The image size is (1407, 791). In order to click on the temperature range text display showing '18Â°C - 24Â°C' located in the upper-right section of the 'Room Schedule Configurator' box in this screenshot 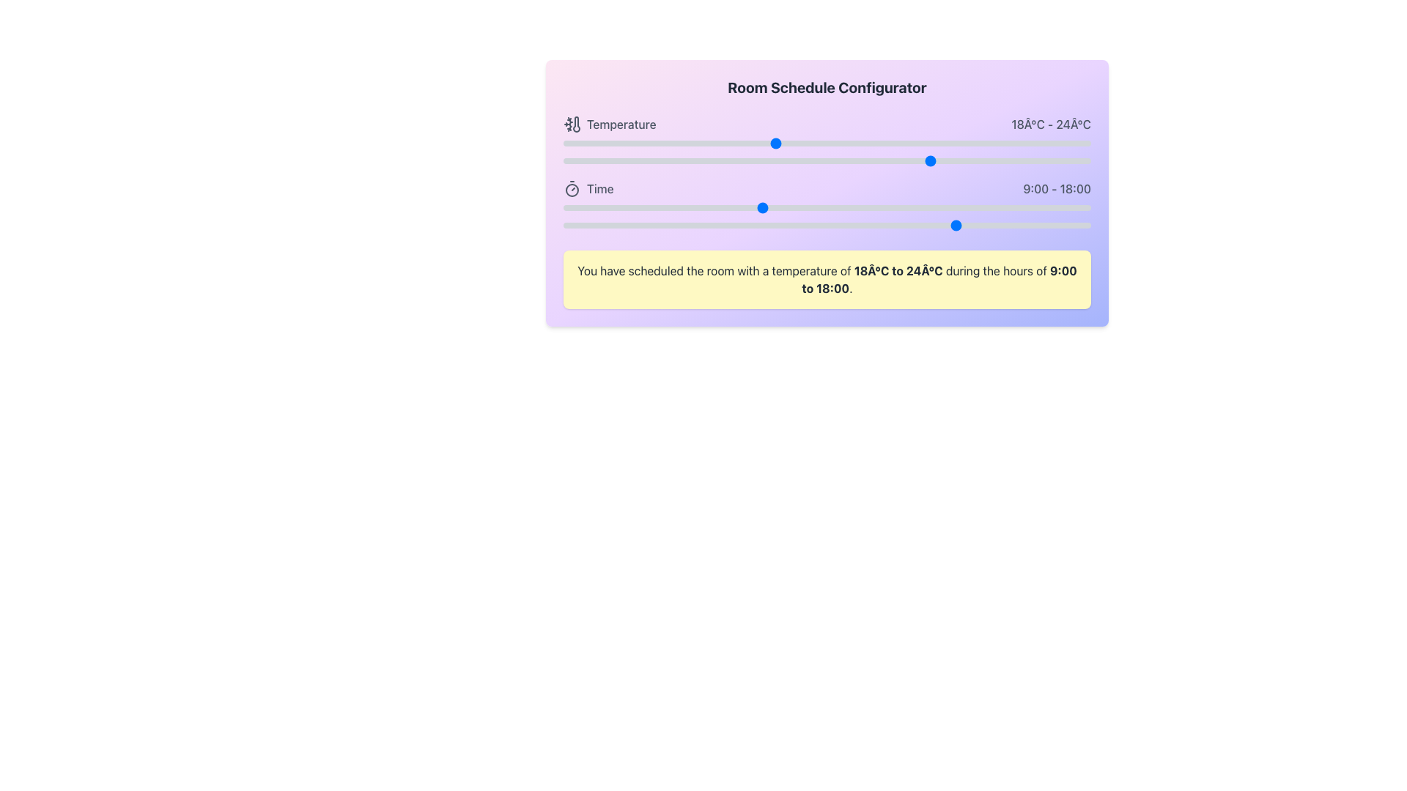, I will do `click(1050, 123)`.